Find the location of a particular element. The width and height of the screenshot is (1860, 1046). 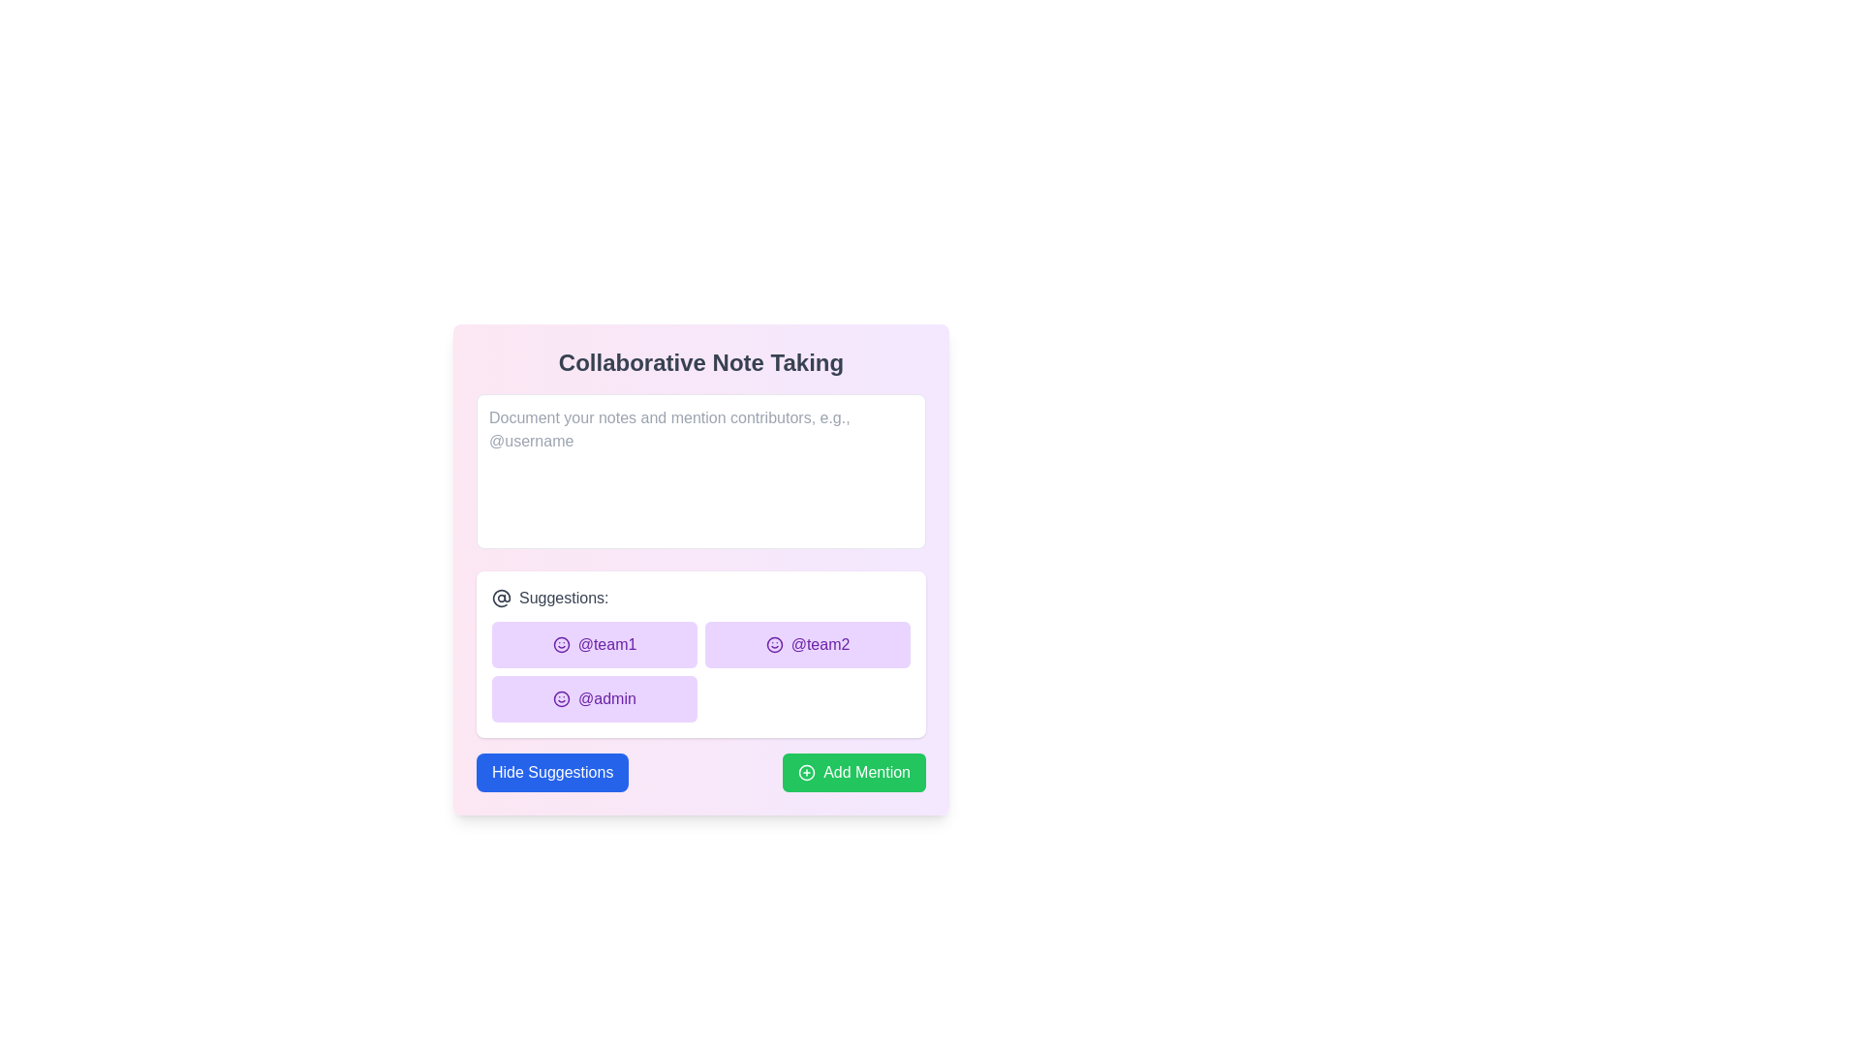

the selectable button labeled '@team2' located in the top-right part of the grid under the 'Suggestions' section is located at coordinates (808, 645).